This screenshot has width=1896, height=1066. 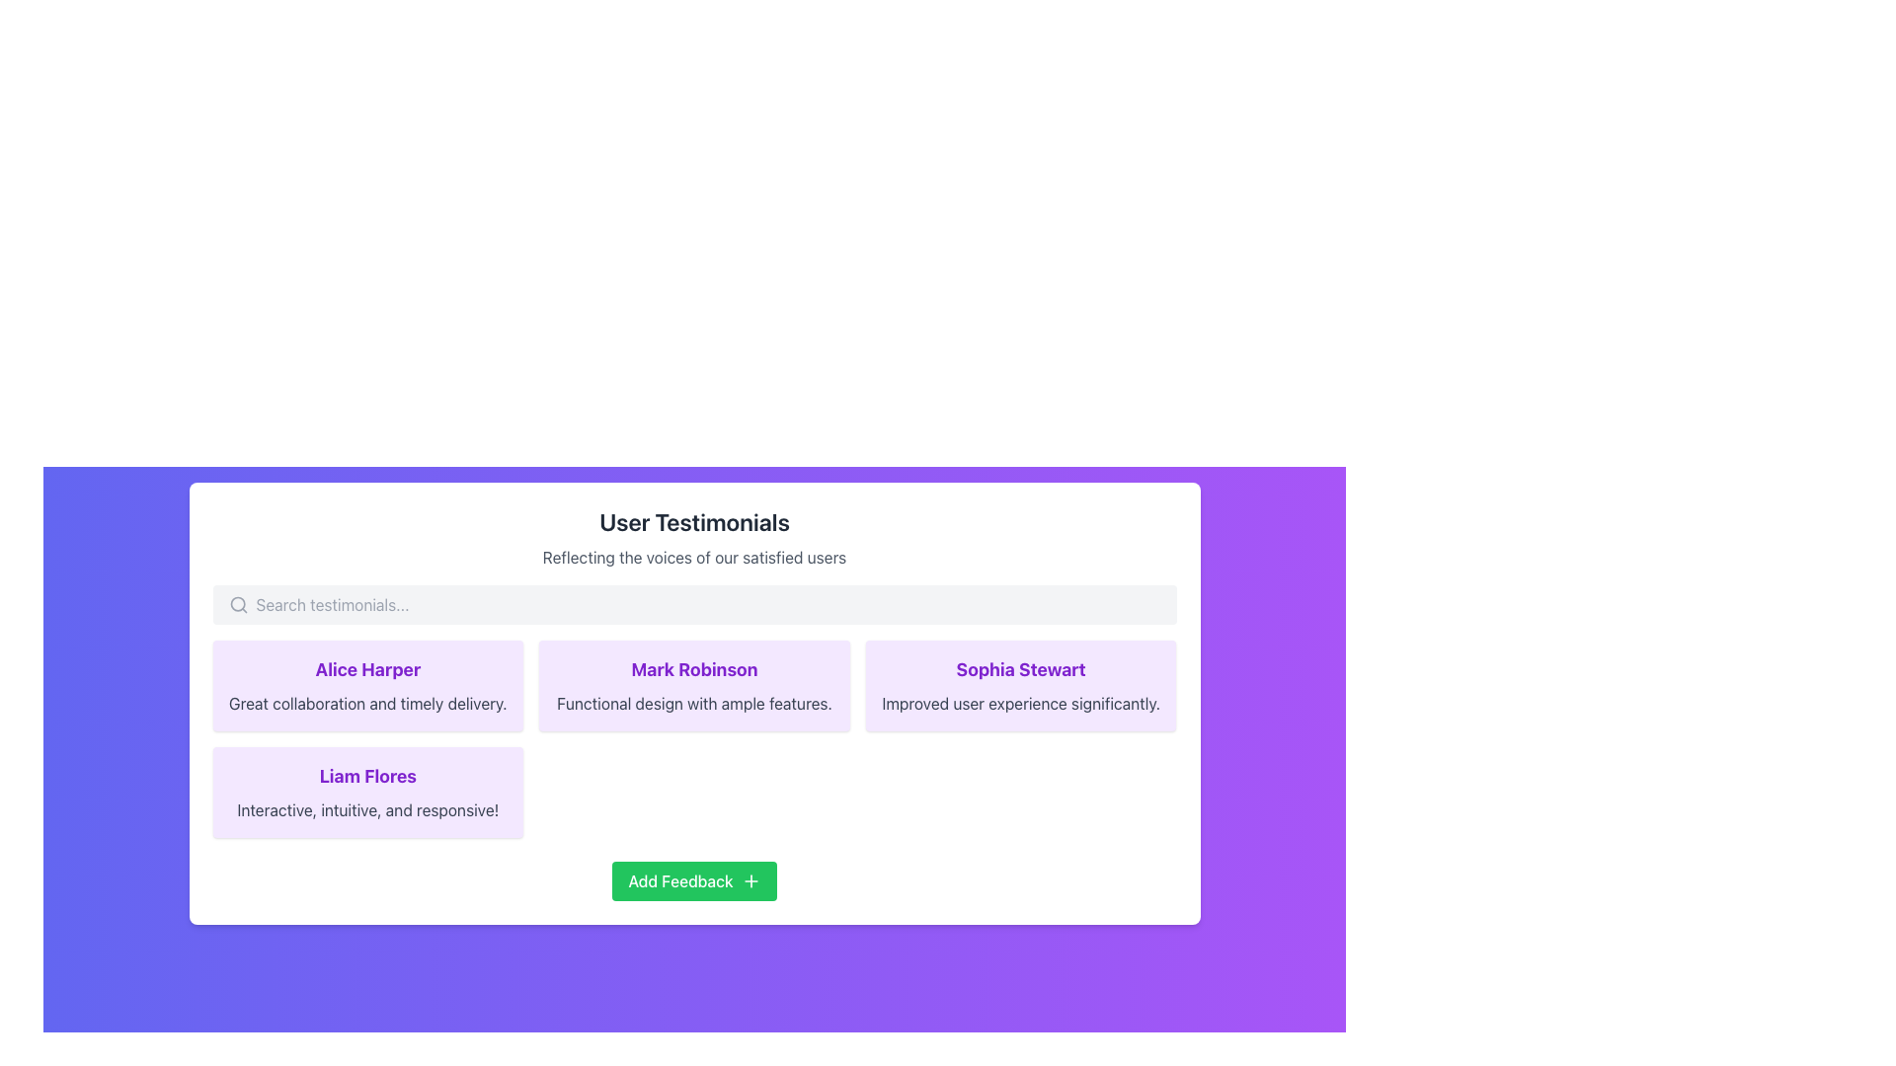 What do you see at coordinates (367, 810) in the screenshot?
I see `the text label displaying the comment or testimonial for 'Liam Flores', which is located directly below the name in the card-like structure` at bounding box center [367, 810].